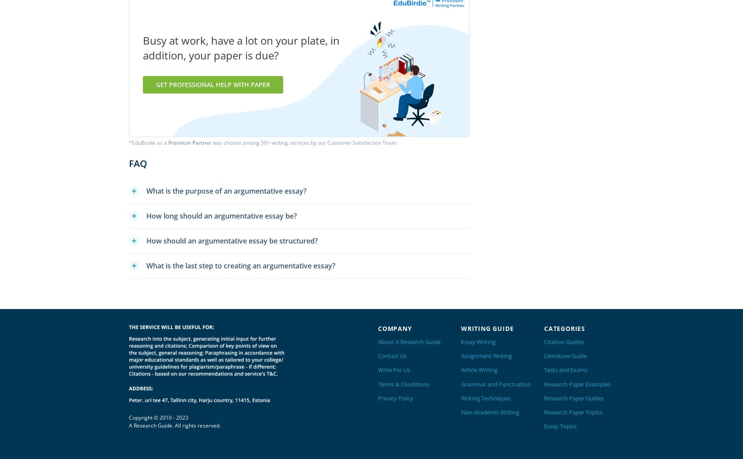 Image resolution: width=743 pixels, height=459 pixels. What do you see at coordinates (487, 328) in the screenshot?
I see `'WRITING GUIDE'` at bounding box center [487, 328].